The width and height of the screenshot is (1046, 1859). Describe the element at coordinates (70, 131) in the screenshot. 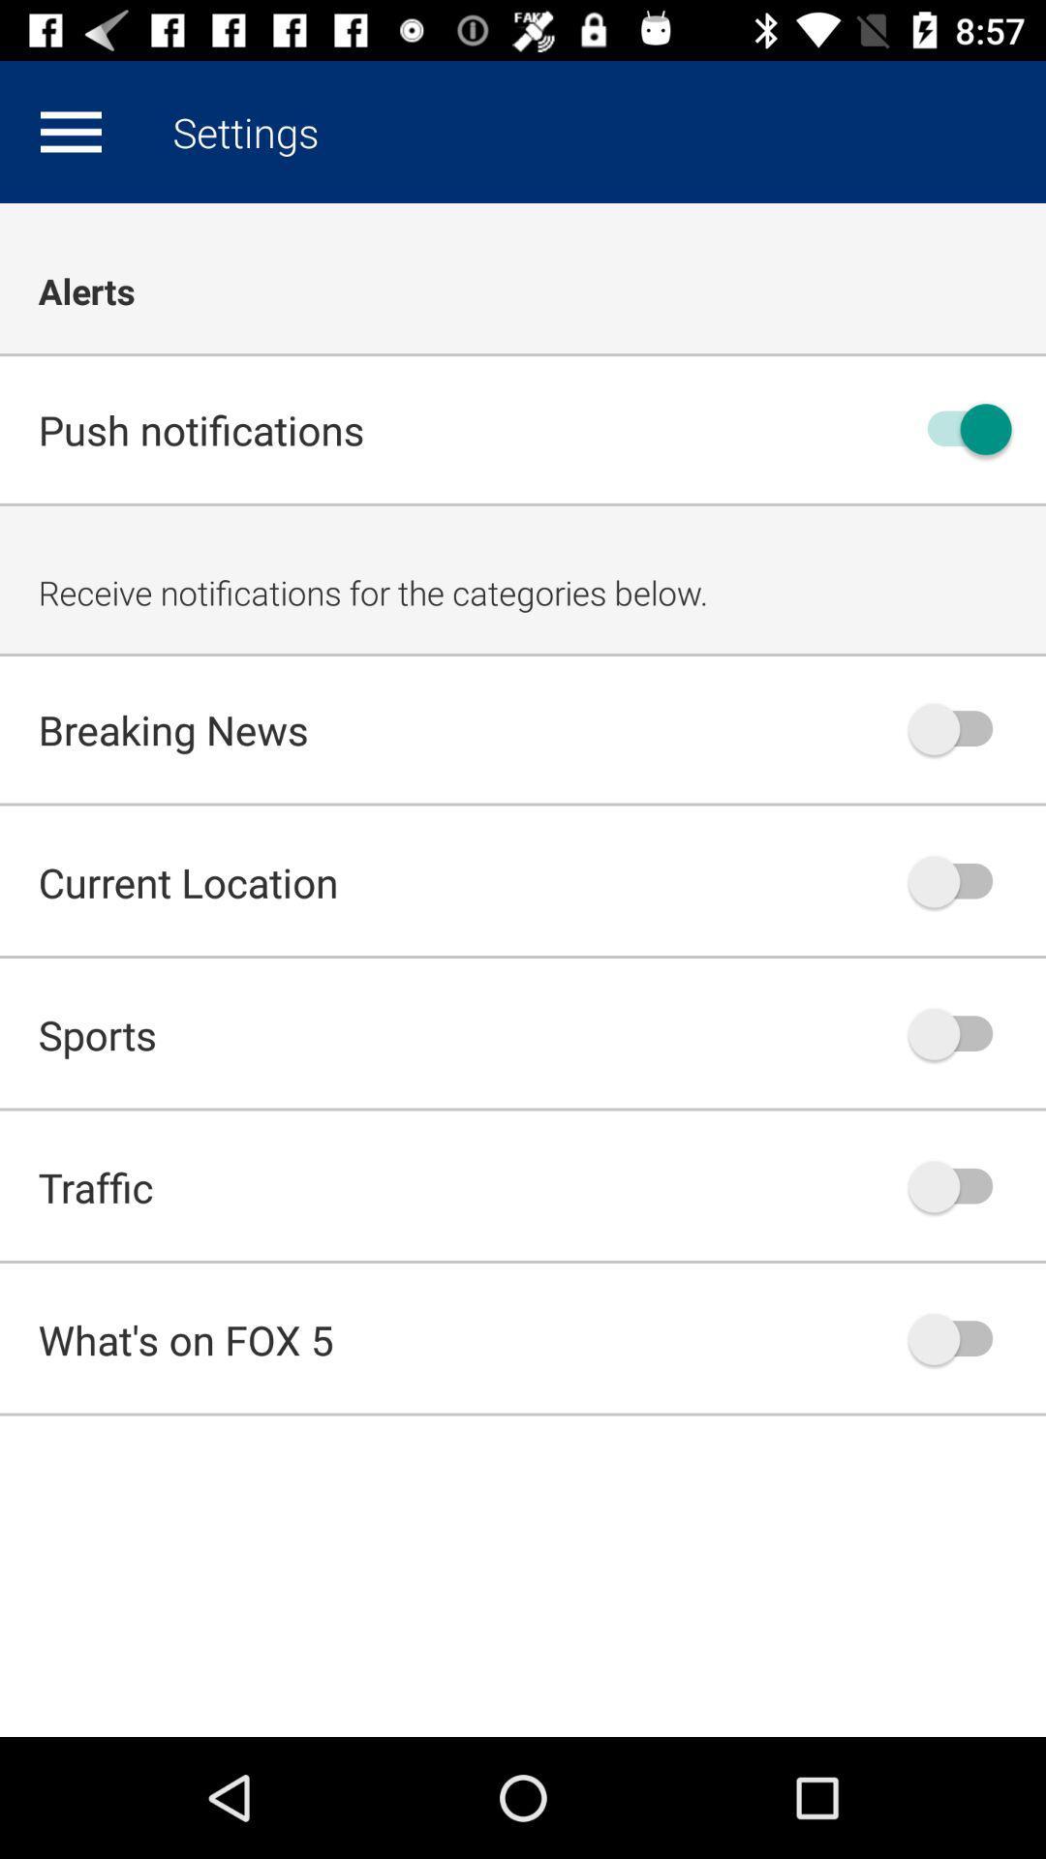

I see `the menu icon` at that location.